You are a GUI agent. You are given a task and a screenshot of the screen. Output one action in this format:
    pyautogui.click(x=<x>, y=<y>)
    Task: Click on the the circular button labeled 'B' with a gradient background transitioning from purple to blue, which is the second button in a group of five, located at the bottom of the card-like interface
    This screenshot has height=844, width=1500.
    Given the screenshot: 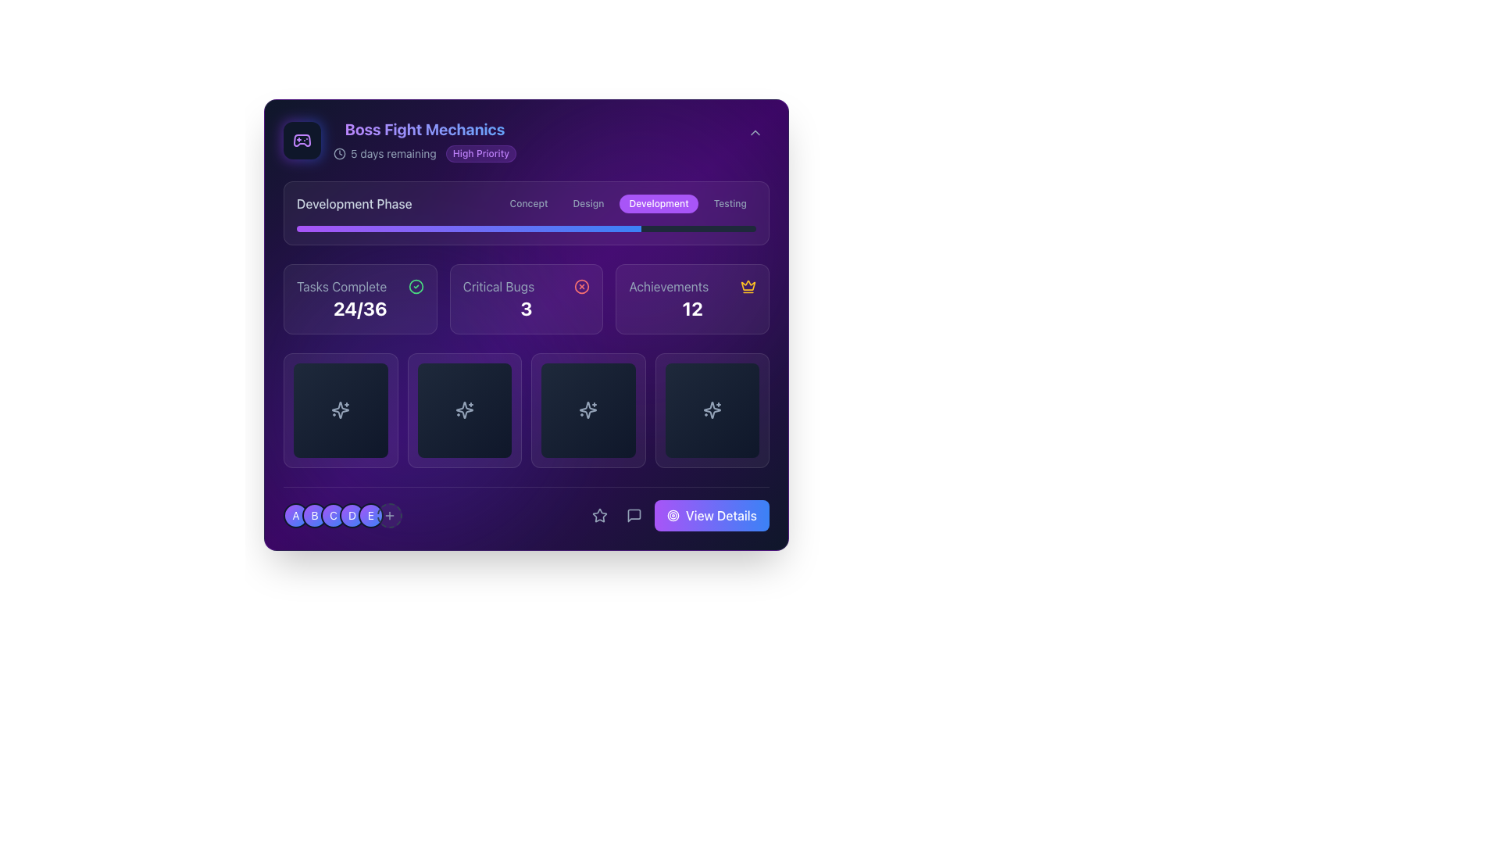 What is the action you would take?
    pyautogui.click(x=314, y=515)
    